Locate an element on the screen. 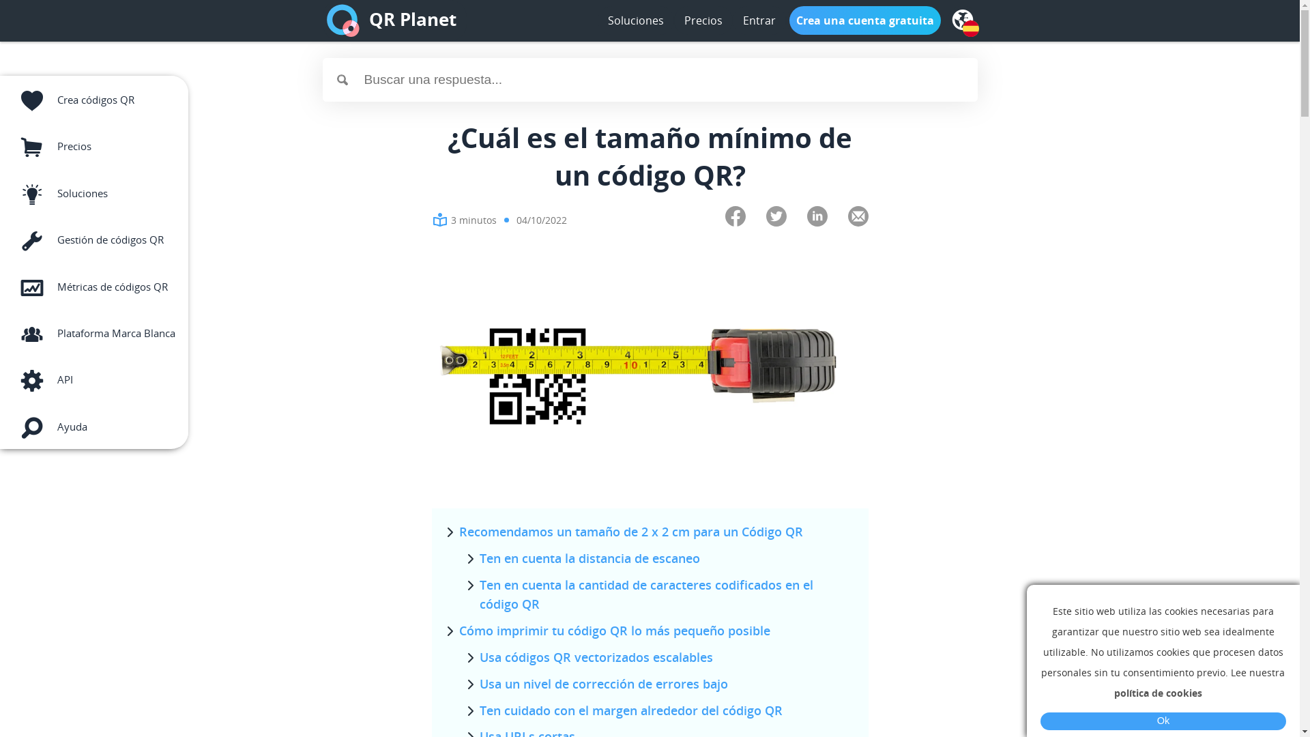  'Share via e-mail' is located at coordinates (857, 217).